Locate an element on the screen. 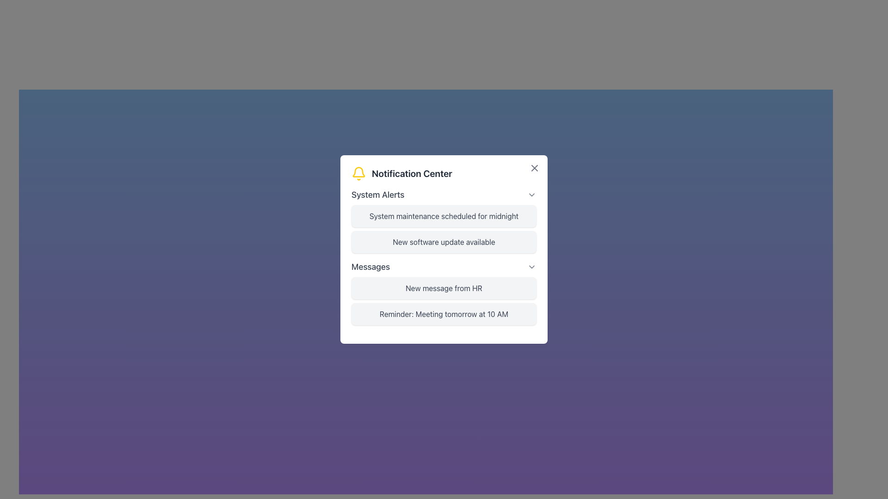 This screenshot has height=499, width=888. the 'Messages' Dropdown Trigger element in the notification center is located at coordinates (444, 267).